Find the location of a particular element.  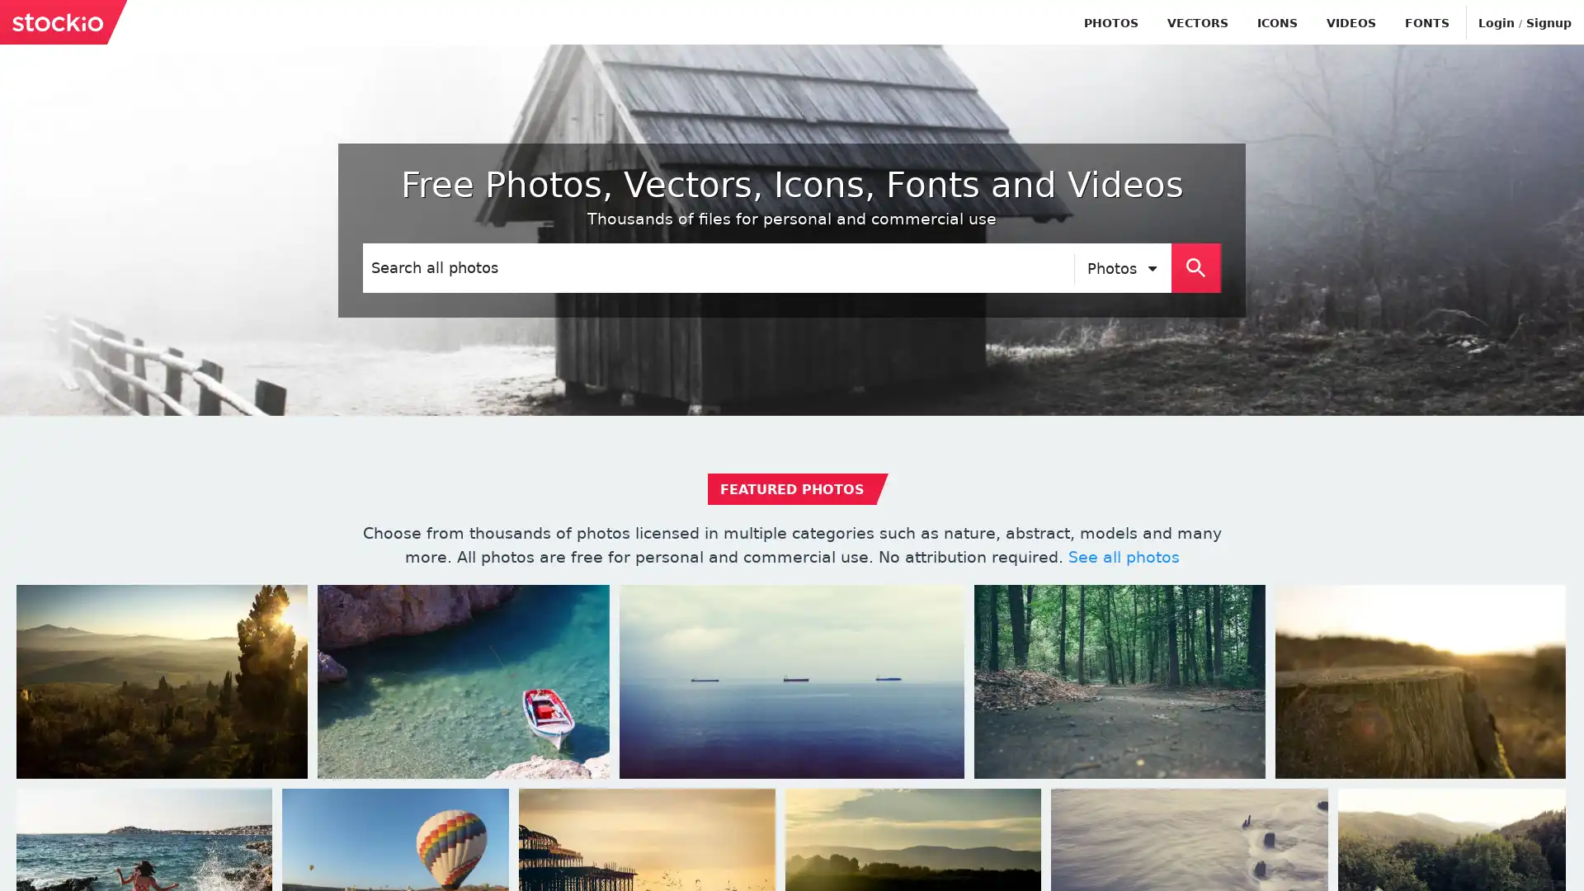

SEARCH is located at coordinates (1195, 266).